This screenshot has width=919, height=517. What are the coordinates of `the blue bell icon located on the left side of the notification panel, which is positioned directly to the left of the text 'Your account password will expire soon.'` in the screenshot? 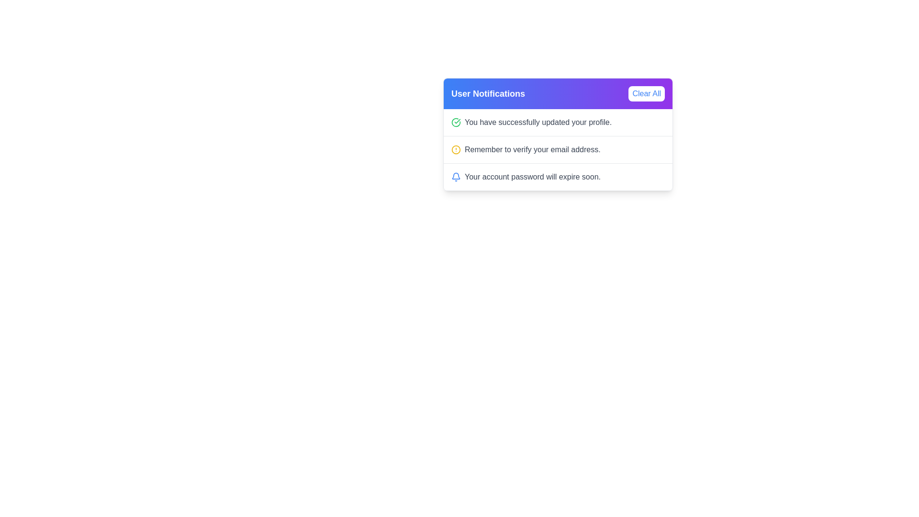 It's located at (456, 177).